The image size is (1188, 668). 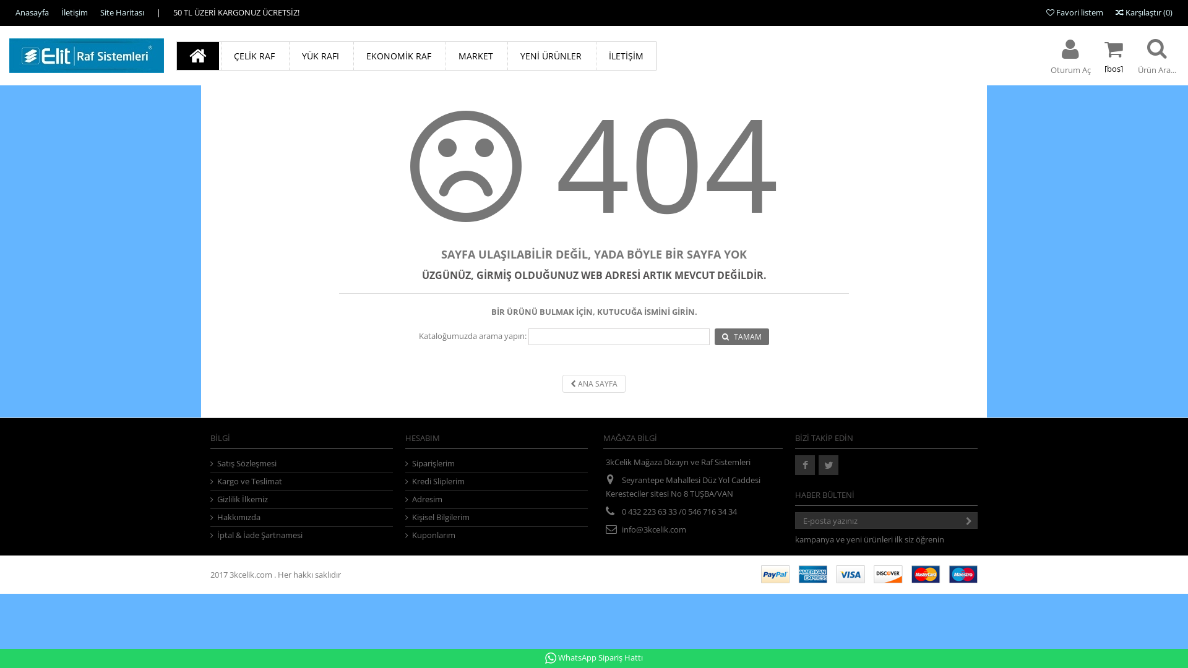 What do you see at coordinates (210, 481) in the screenshot?
I see `'Kargo ve Teslimat'` at bounding box center [210, 481].